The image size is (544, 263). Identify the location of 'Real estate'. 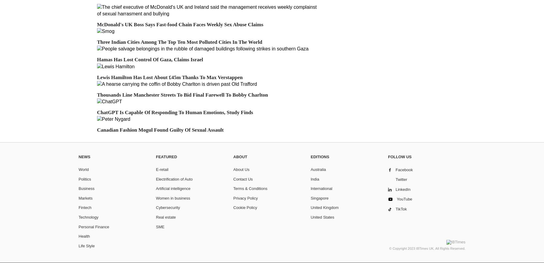
(165, 216).